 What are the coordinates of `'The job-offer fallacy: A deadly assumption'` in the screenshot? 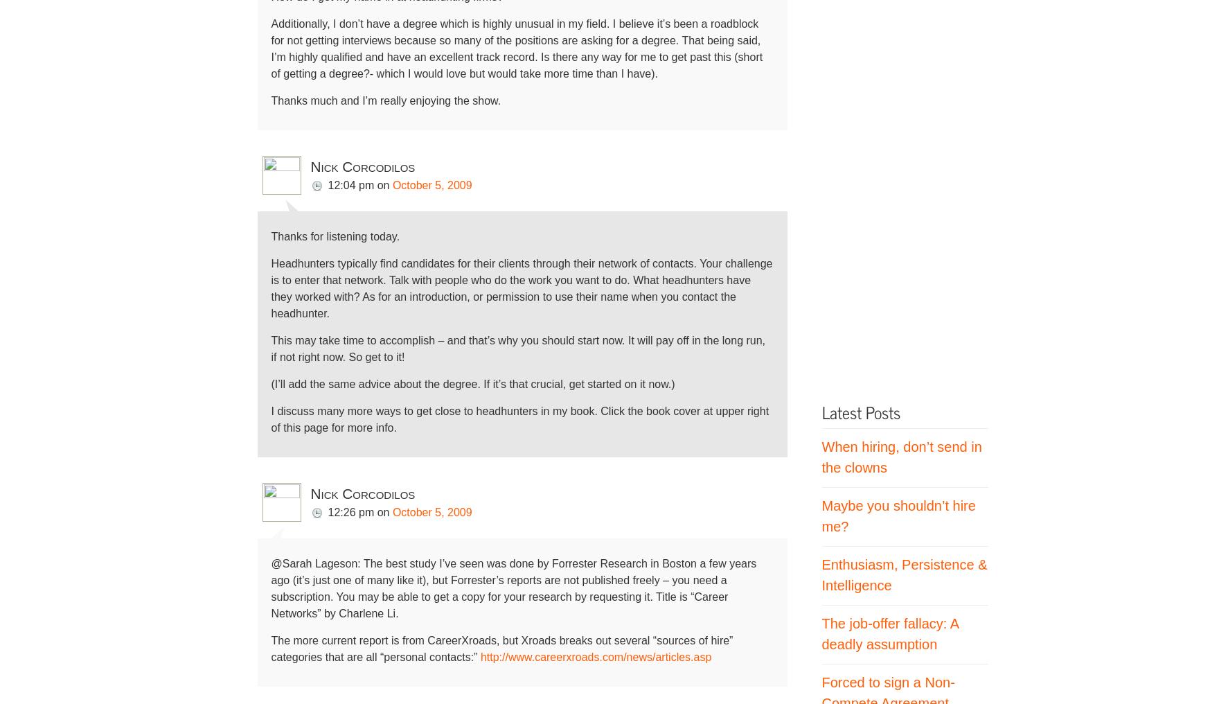 It's located at (820, 632).